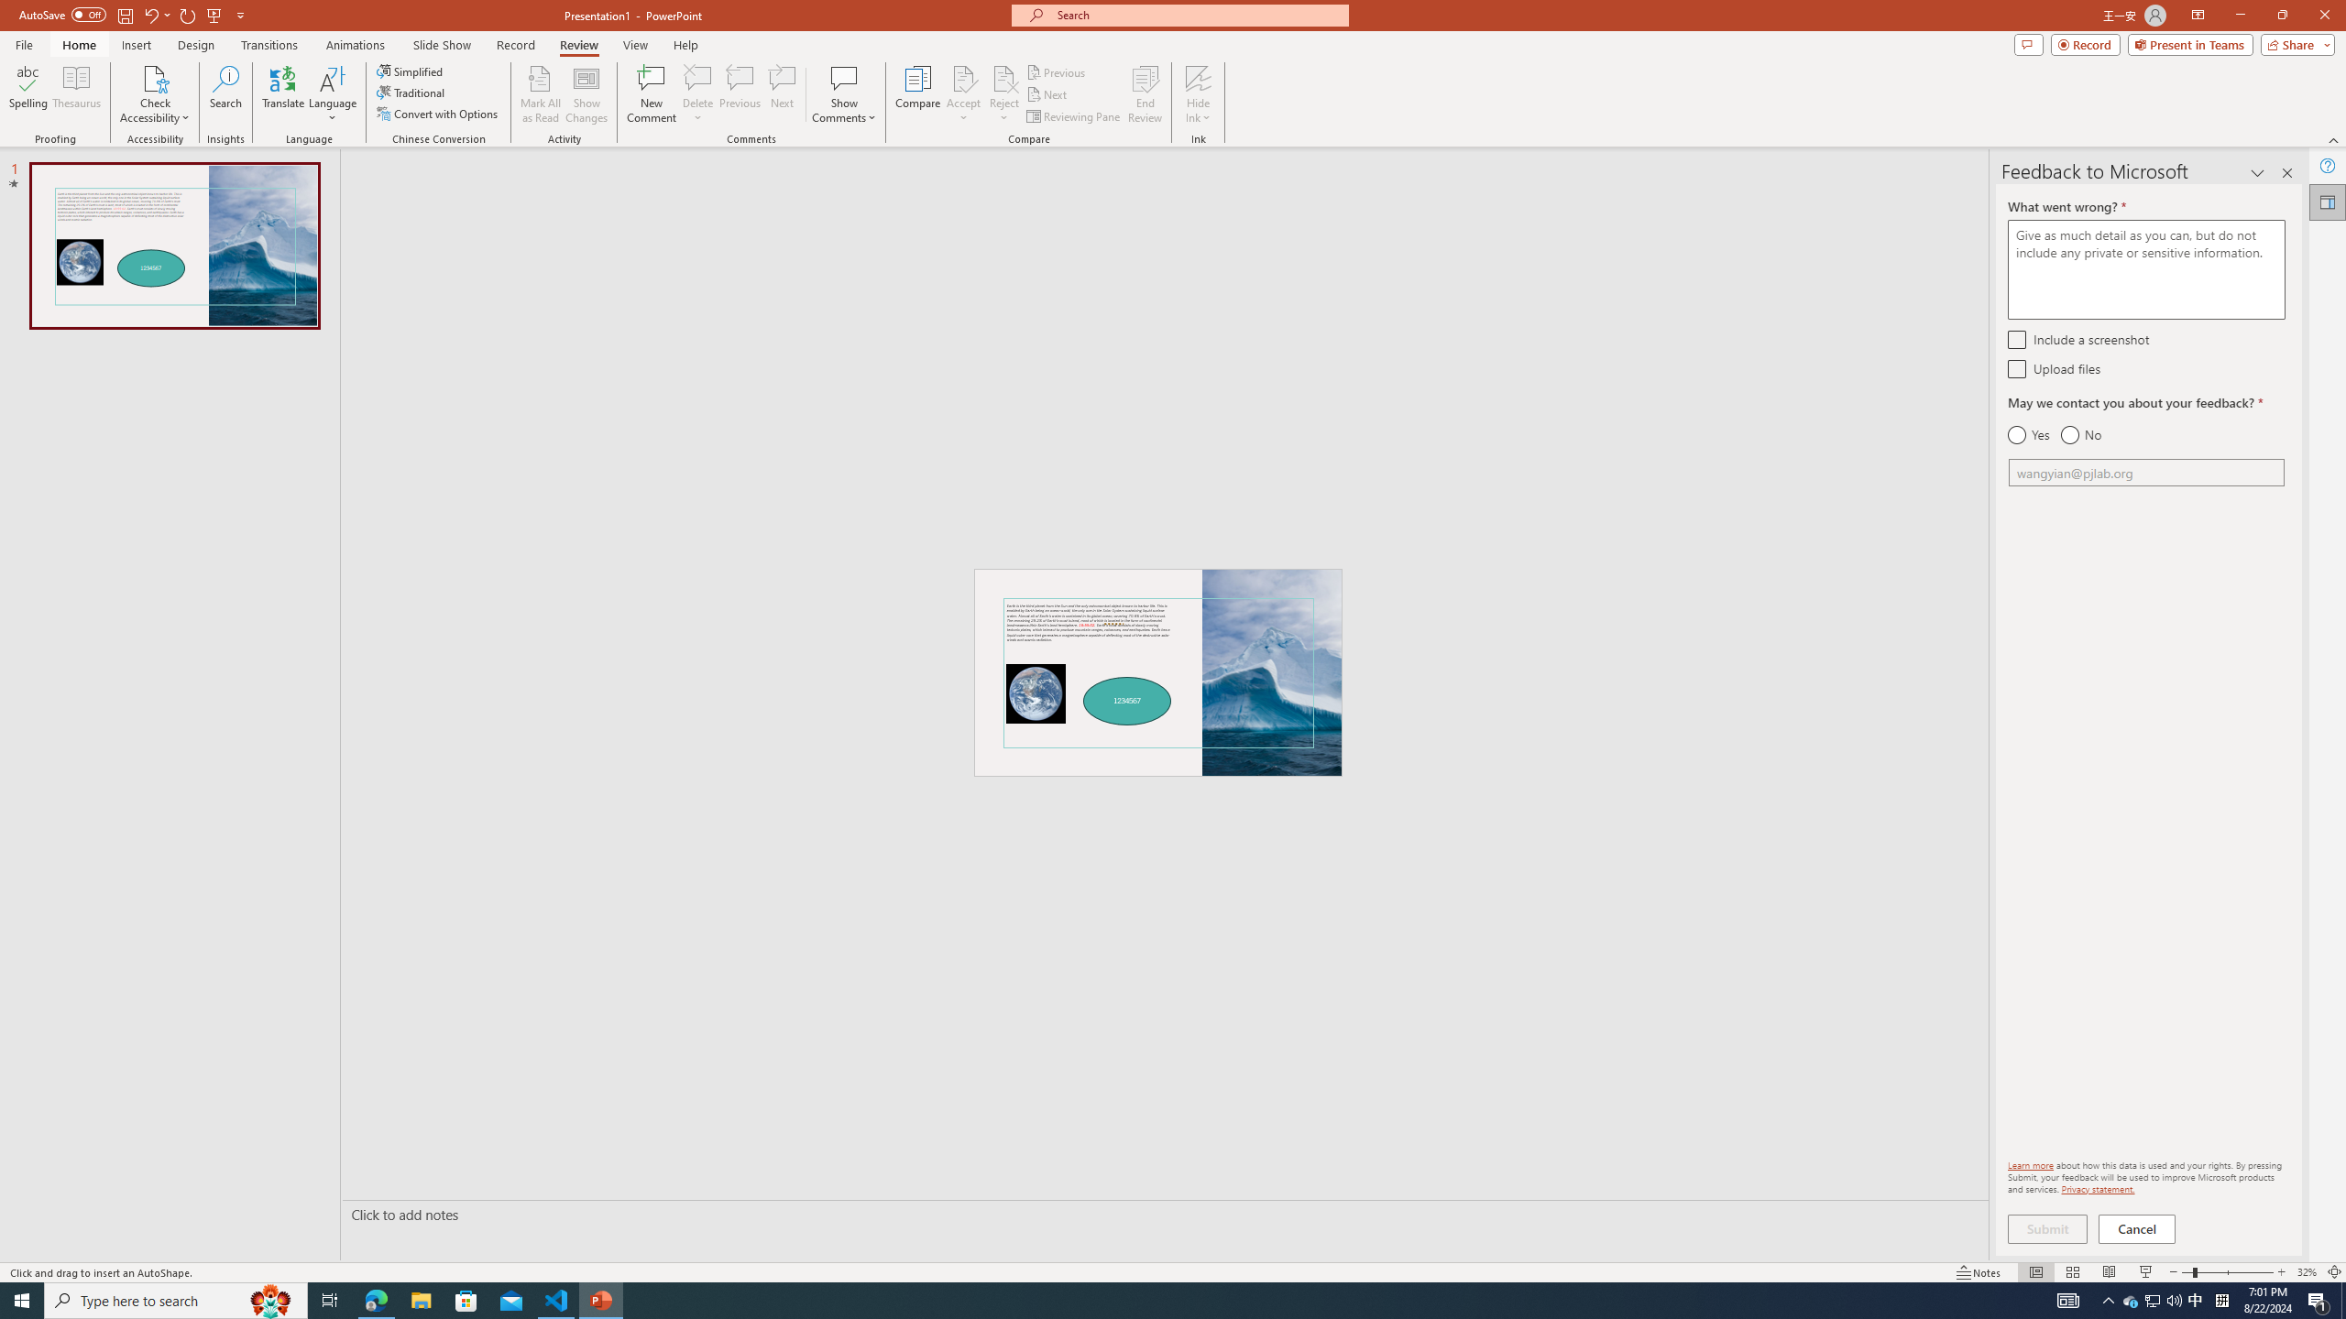 This screenshot has width=2346, height=1319. What do you see at coordinates (541, 94) in the screenshot?
I see `'Mark All as Read'` at bounding box center [541, 94].